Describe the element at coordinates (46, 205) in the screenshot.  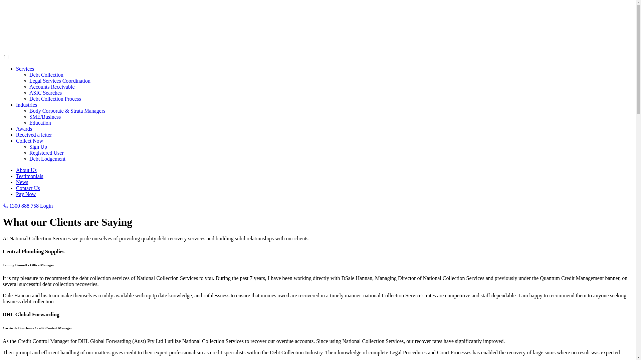
I see `'Login'` at that location.